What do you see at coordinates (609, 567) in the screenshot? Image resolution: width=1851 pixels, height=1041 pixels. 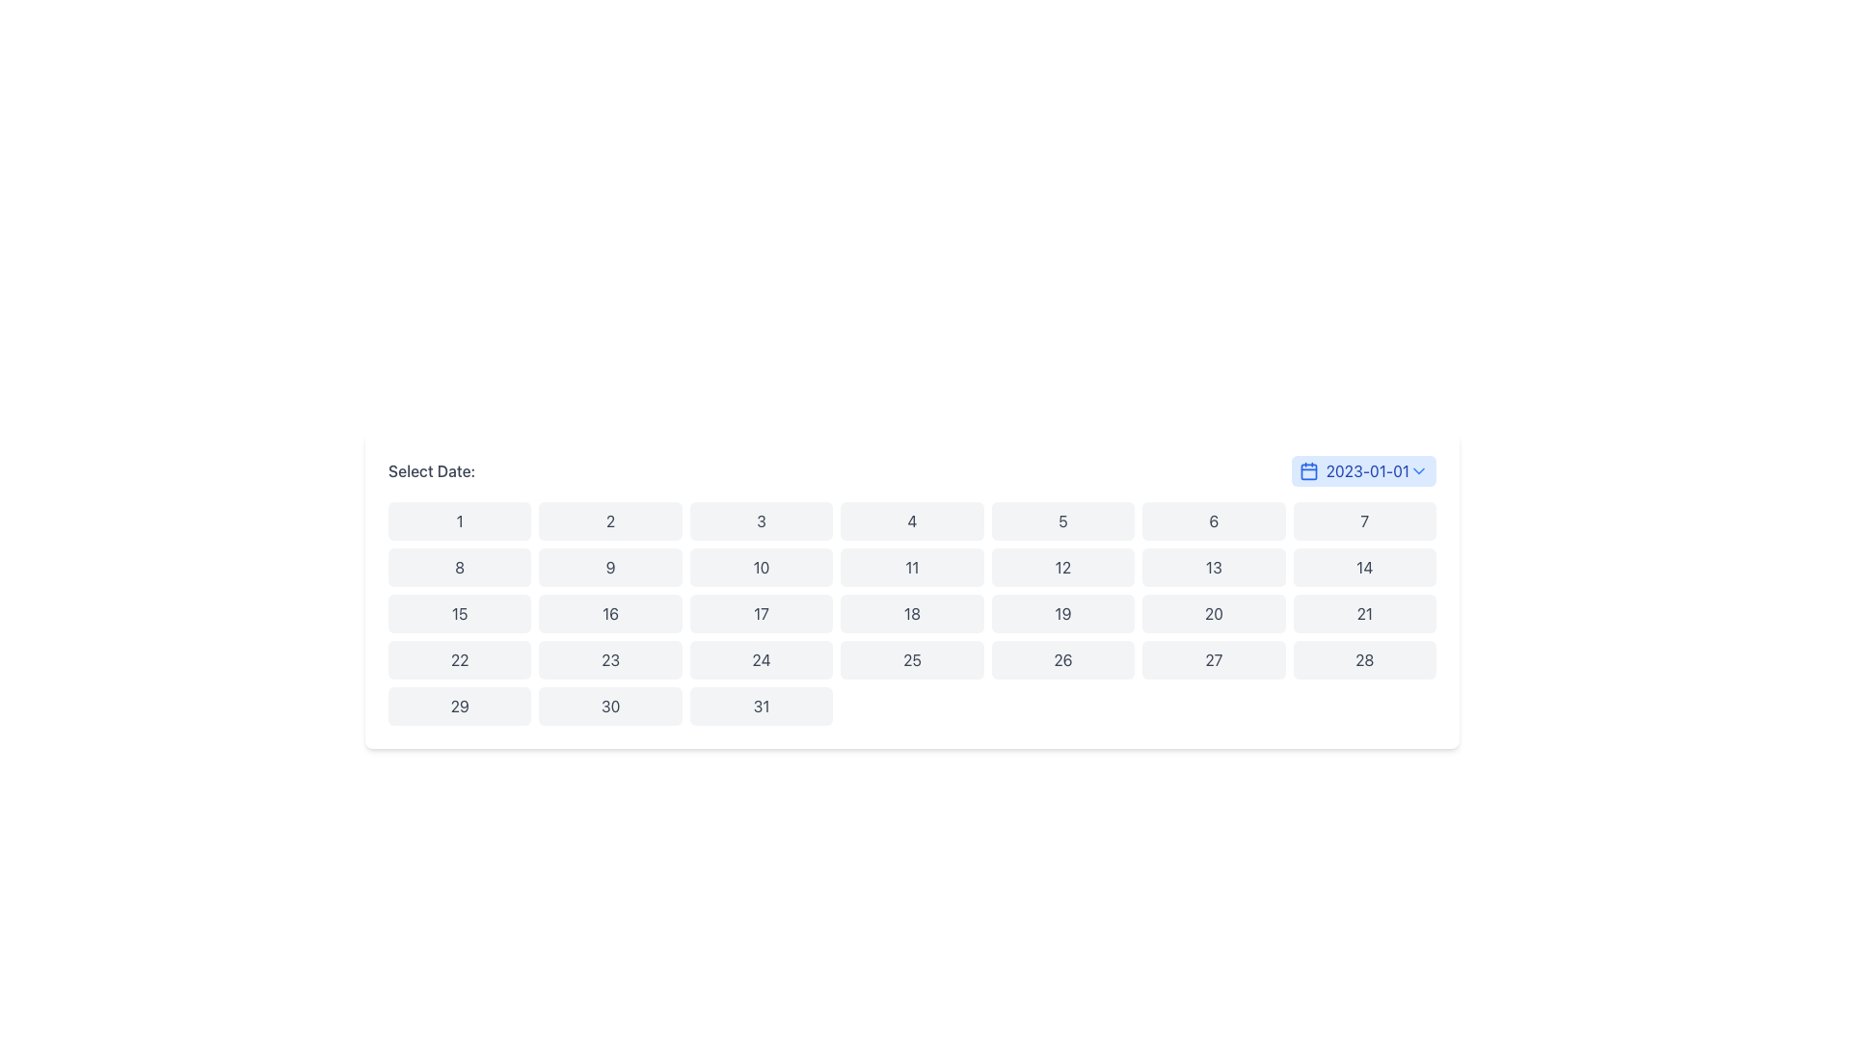 I see `the date selector button representing the number '9' located in the second row and second column of the grid to change its background color to blue` at bounding box center [609, 567].